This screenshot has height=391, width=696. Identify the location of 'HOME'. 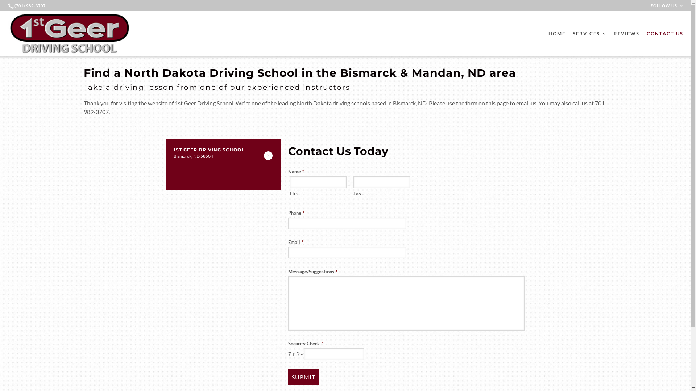
(556, 33).